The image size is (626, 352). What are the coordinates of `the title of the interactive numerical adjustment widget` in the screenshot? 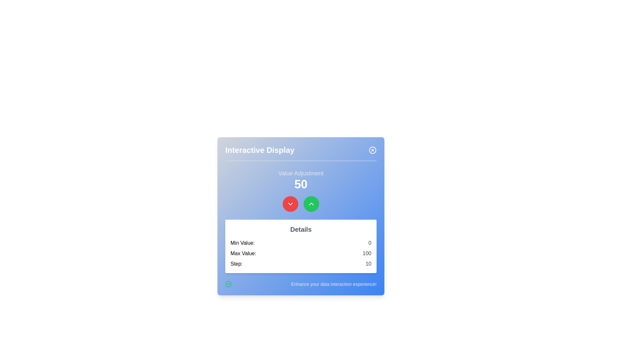 It's located at (300, 216).